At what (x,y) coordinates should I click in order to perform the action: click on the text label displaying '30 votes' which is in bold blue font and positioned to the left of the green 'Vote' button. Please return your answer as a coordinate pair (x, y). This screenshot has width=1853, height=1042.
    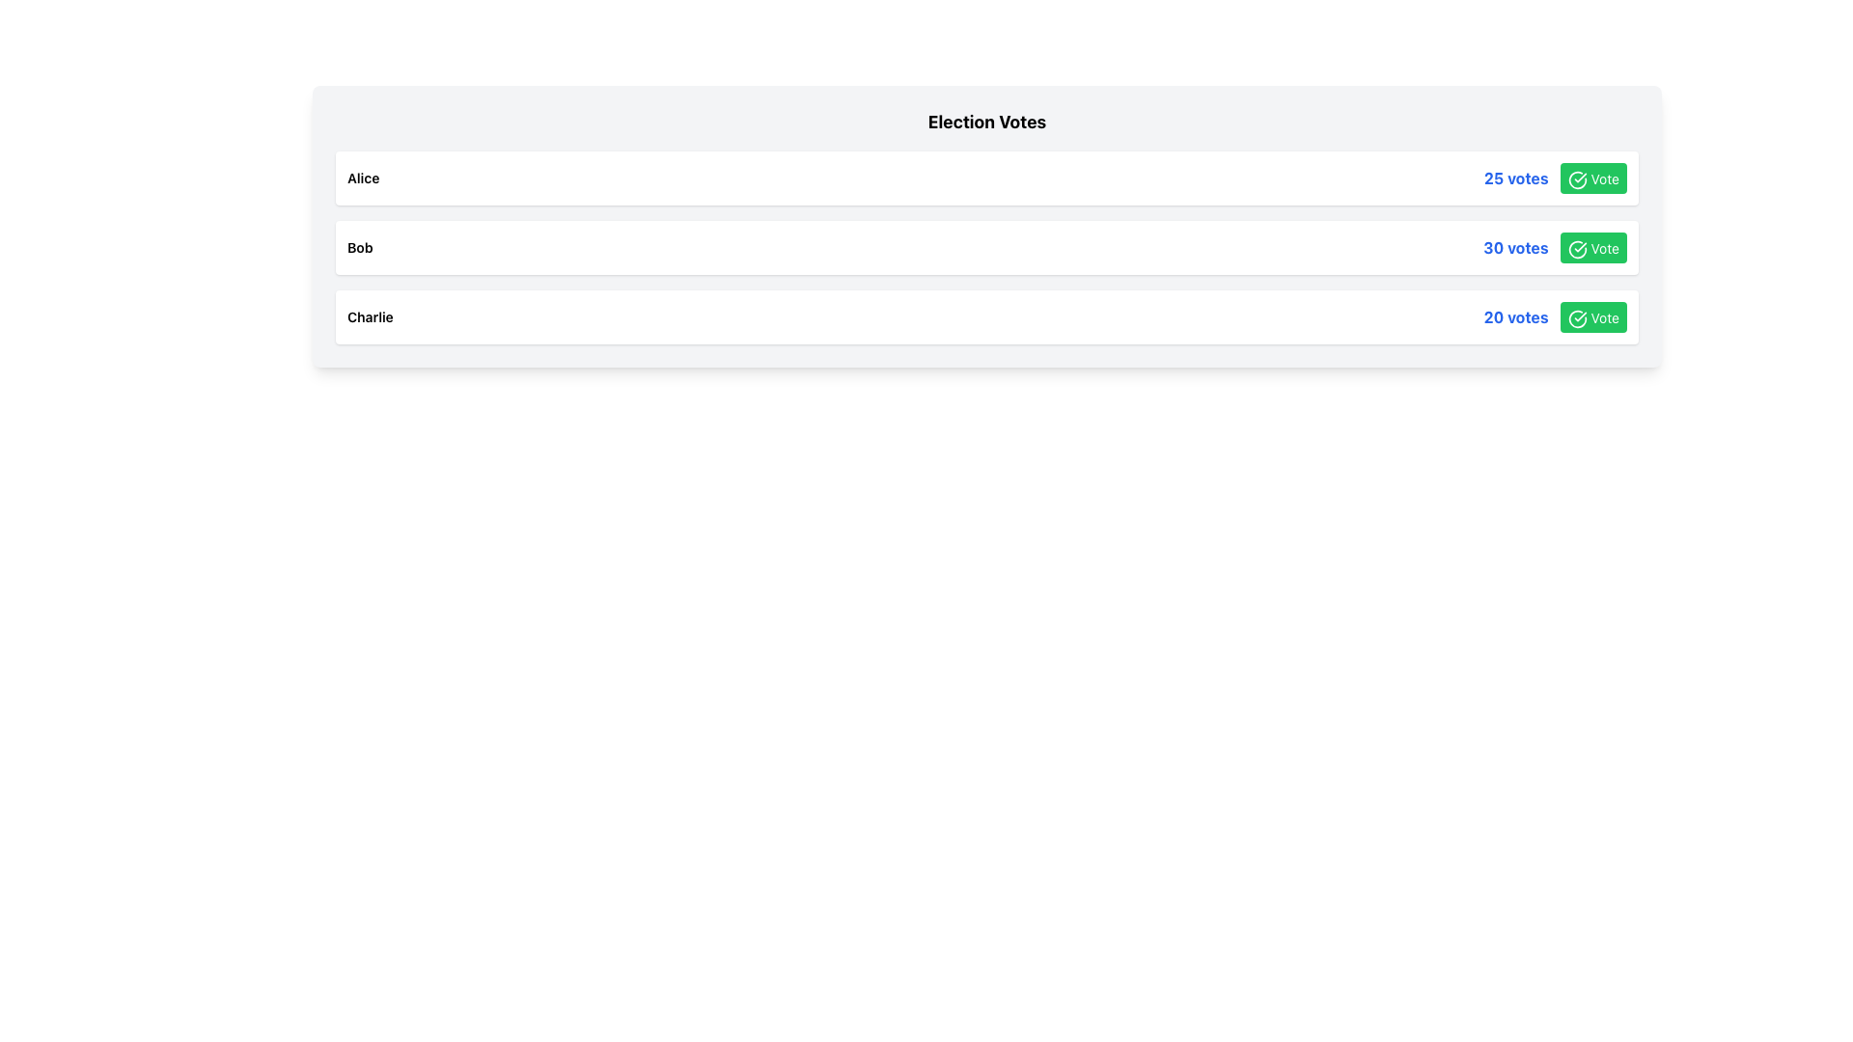
    Looking at the image, I should click on (1514, 247).